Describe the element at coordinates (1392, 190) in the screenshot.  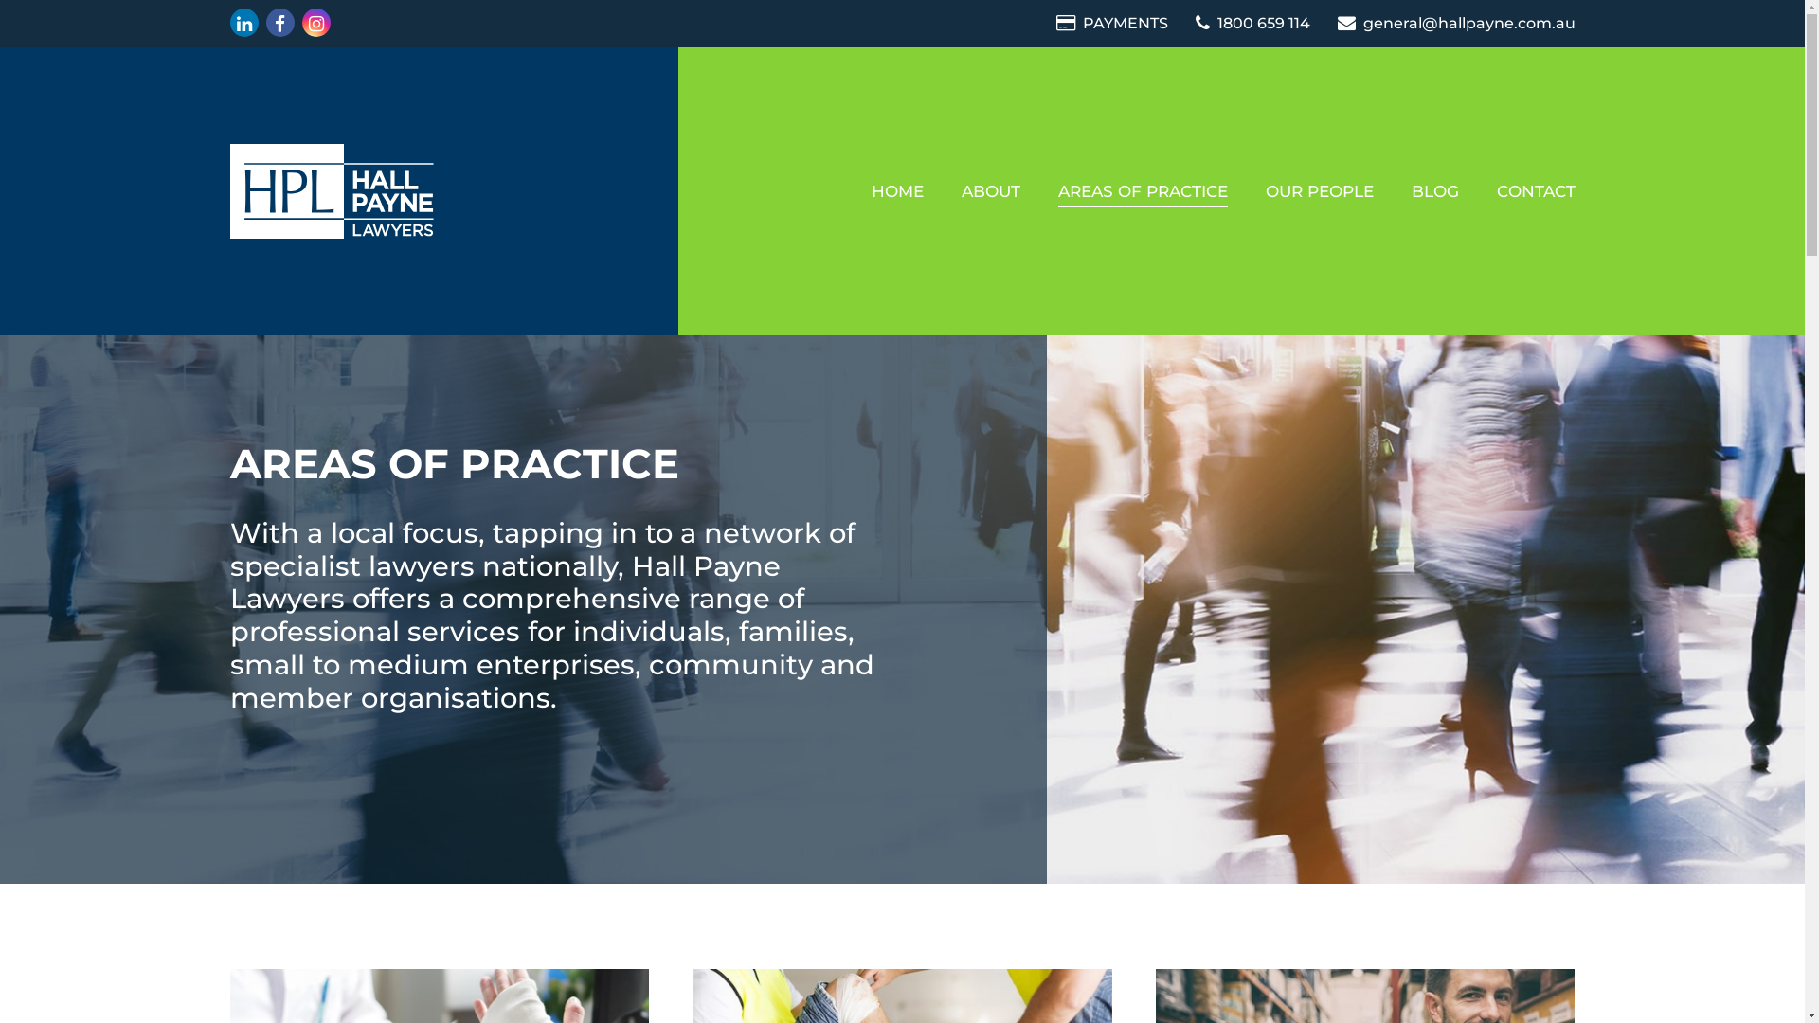
I see `'BLOG'` at that location.